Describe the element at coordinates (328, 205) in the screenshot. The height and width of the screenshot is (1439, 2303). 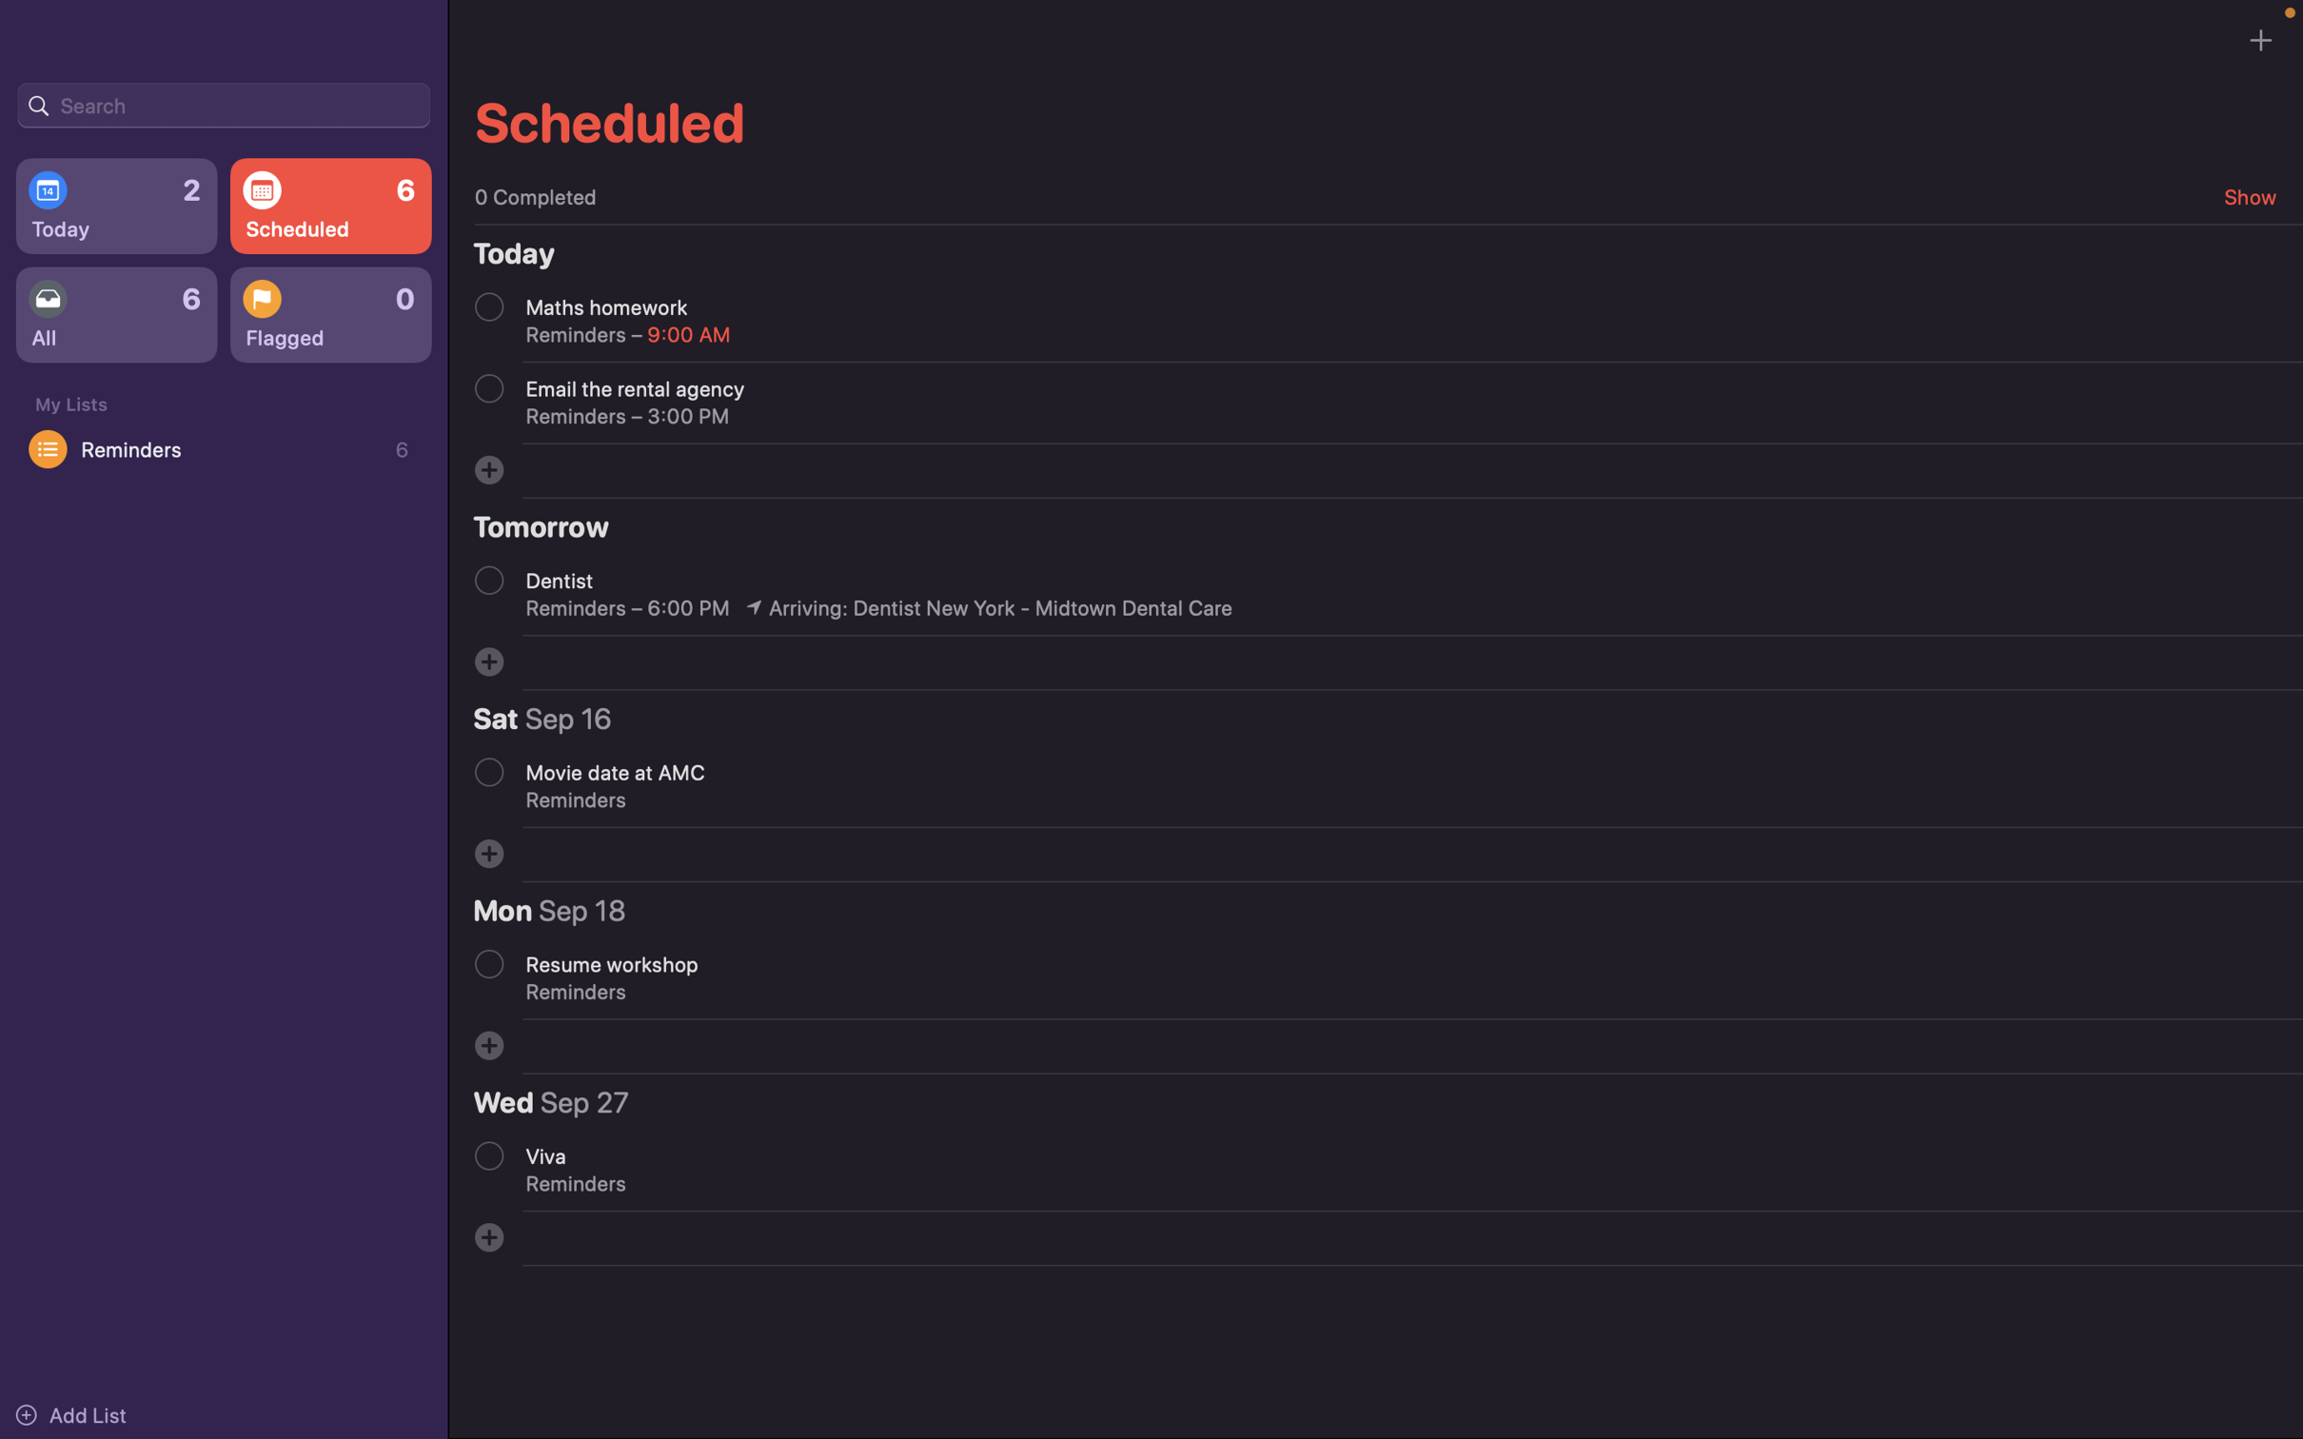
I see `the list of all planned events` at that location.